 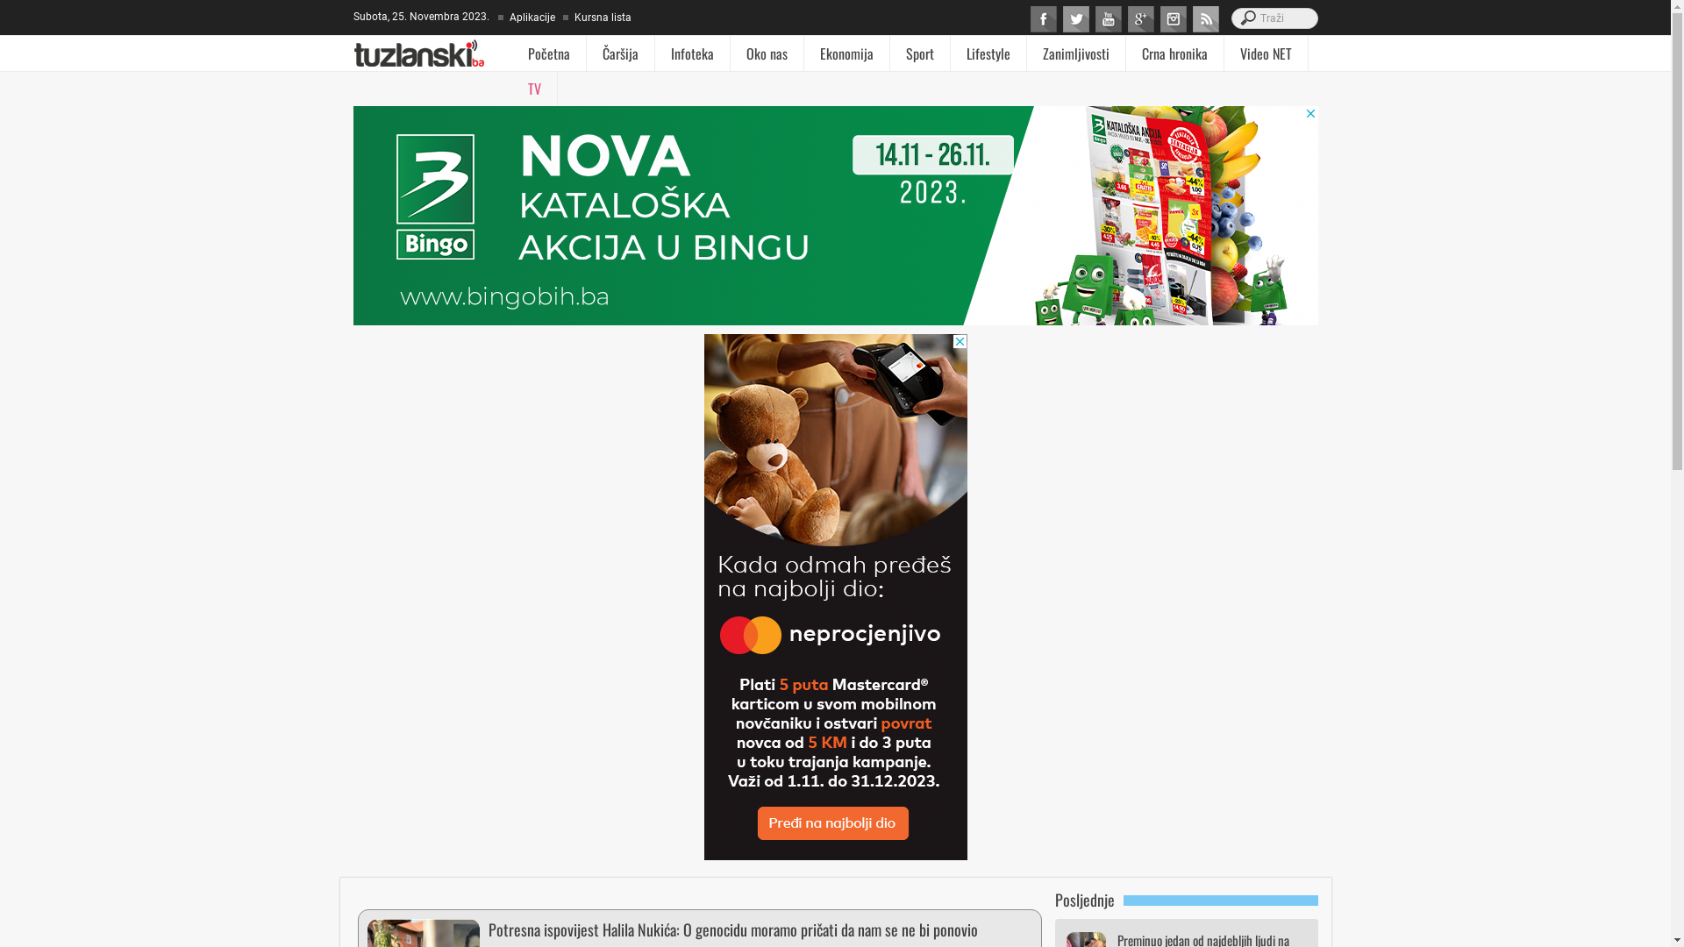 What do you see at coordinates (1266, 53) in the screenshot?
I see `'Video NET'` at bounding box center [1266, 53].